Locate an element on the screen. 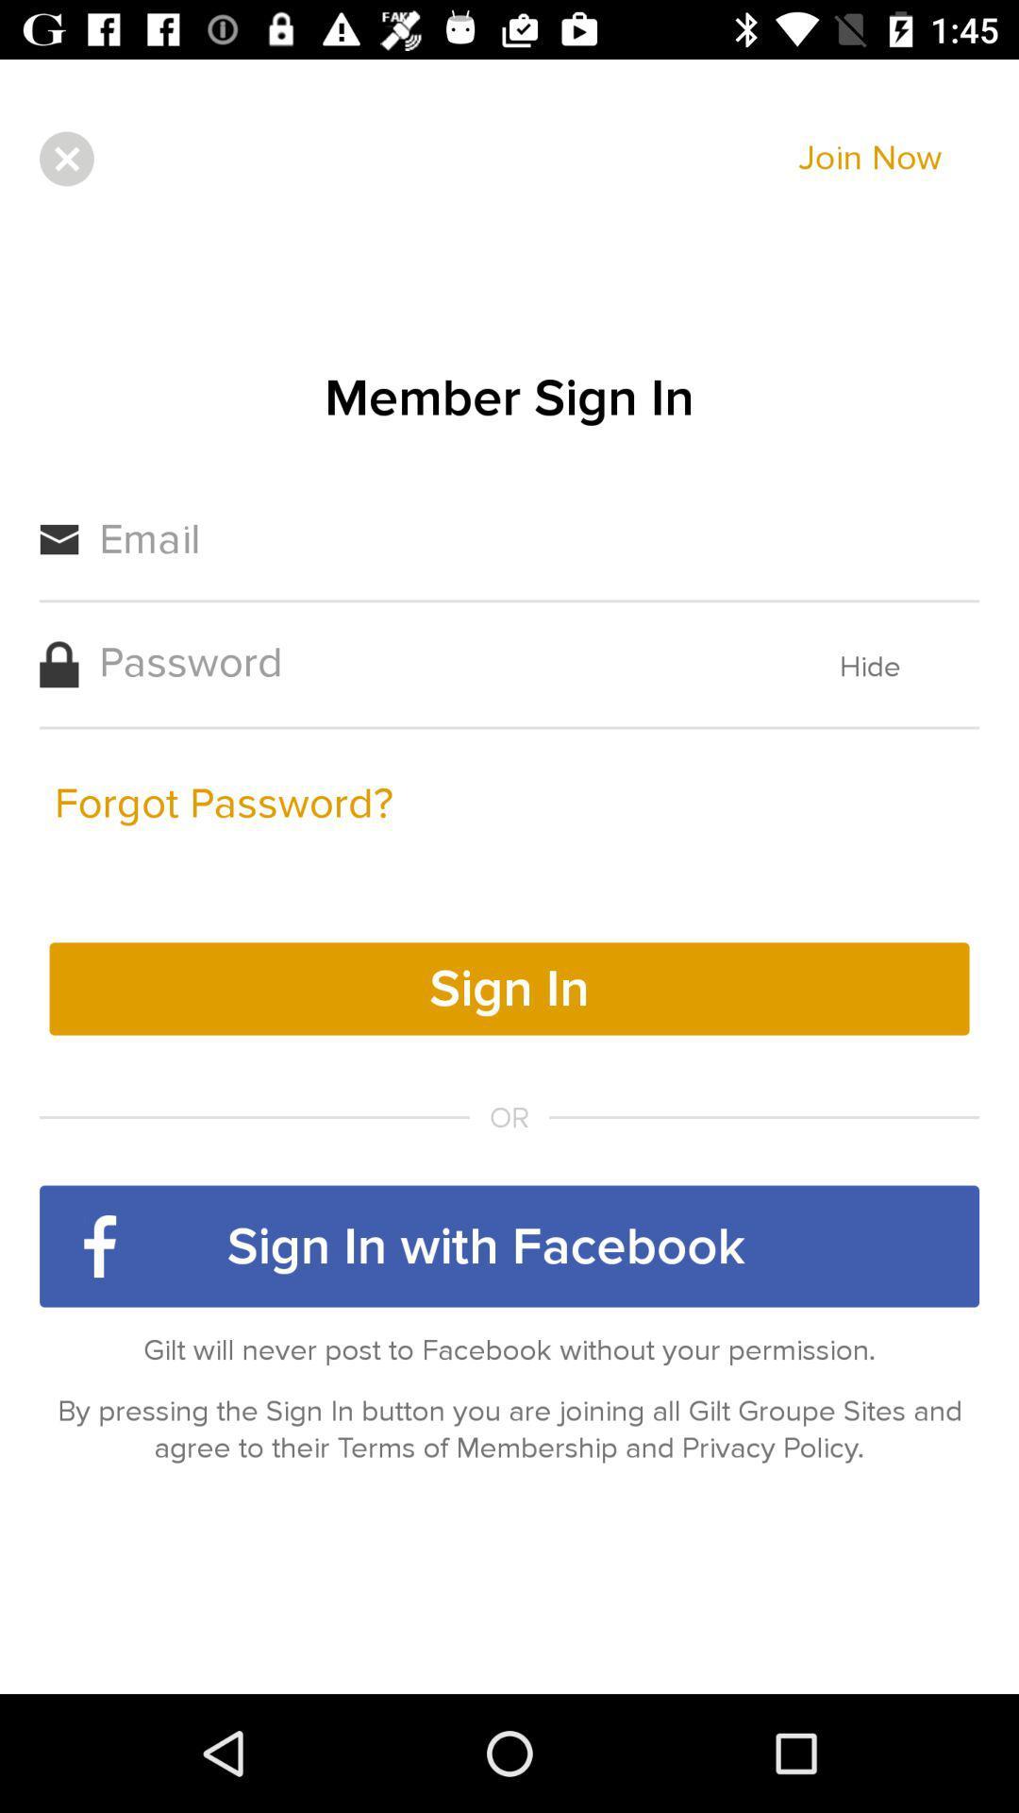 This screenshot has height=1813, width=1019. the item to the left of the hide item is located at coordinates (223, 804).